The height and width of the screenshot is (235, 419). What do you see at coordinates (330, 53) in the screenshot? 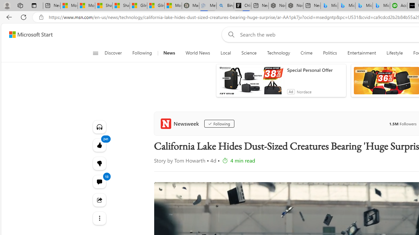
I see `'Politics'` at bounding box center [330, 53].